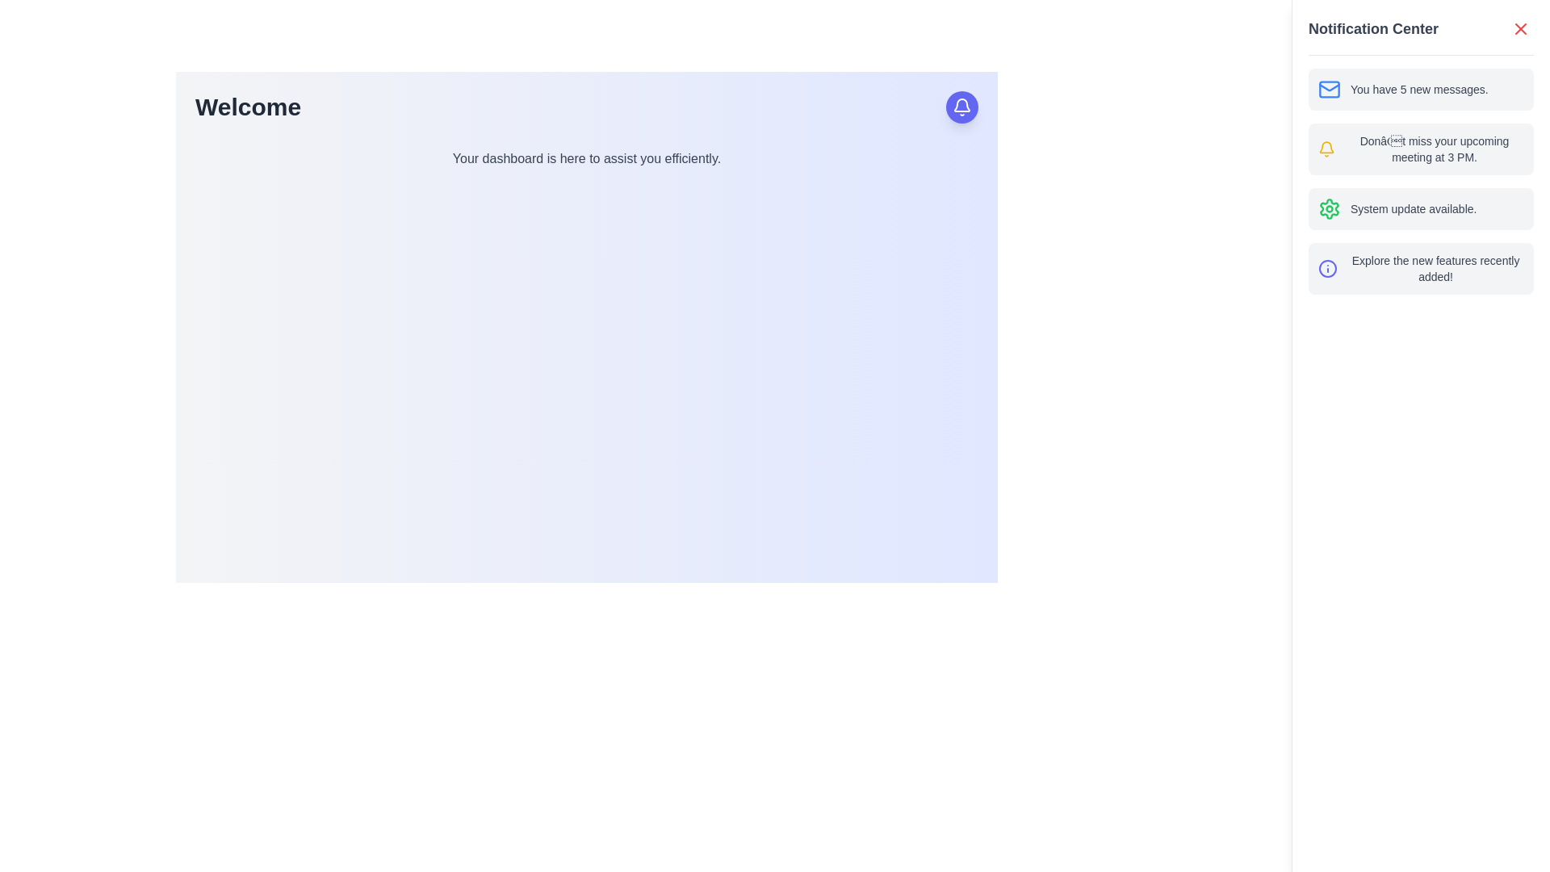  I want to click on the content of the non-interactive Notification card located at the bottom of the list in the Notification Center panel, so click(1421, 267).